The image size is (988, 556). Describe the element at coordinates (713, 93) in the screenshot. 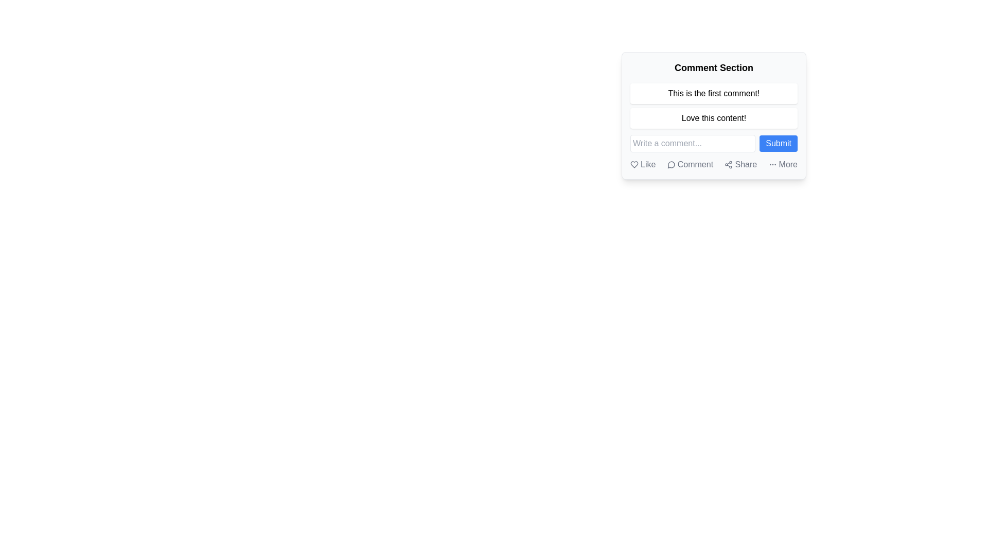

I see `displayed text of the first comment in the 'Comment Section' located just above the 'Love this content!' text` at that location.